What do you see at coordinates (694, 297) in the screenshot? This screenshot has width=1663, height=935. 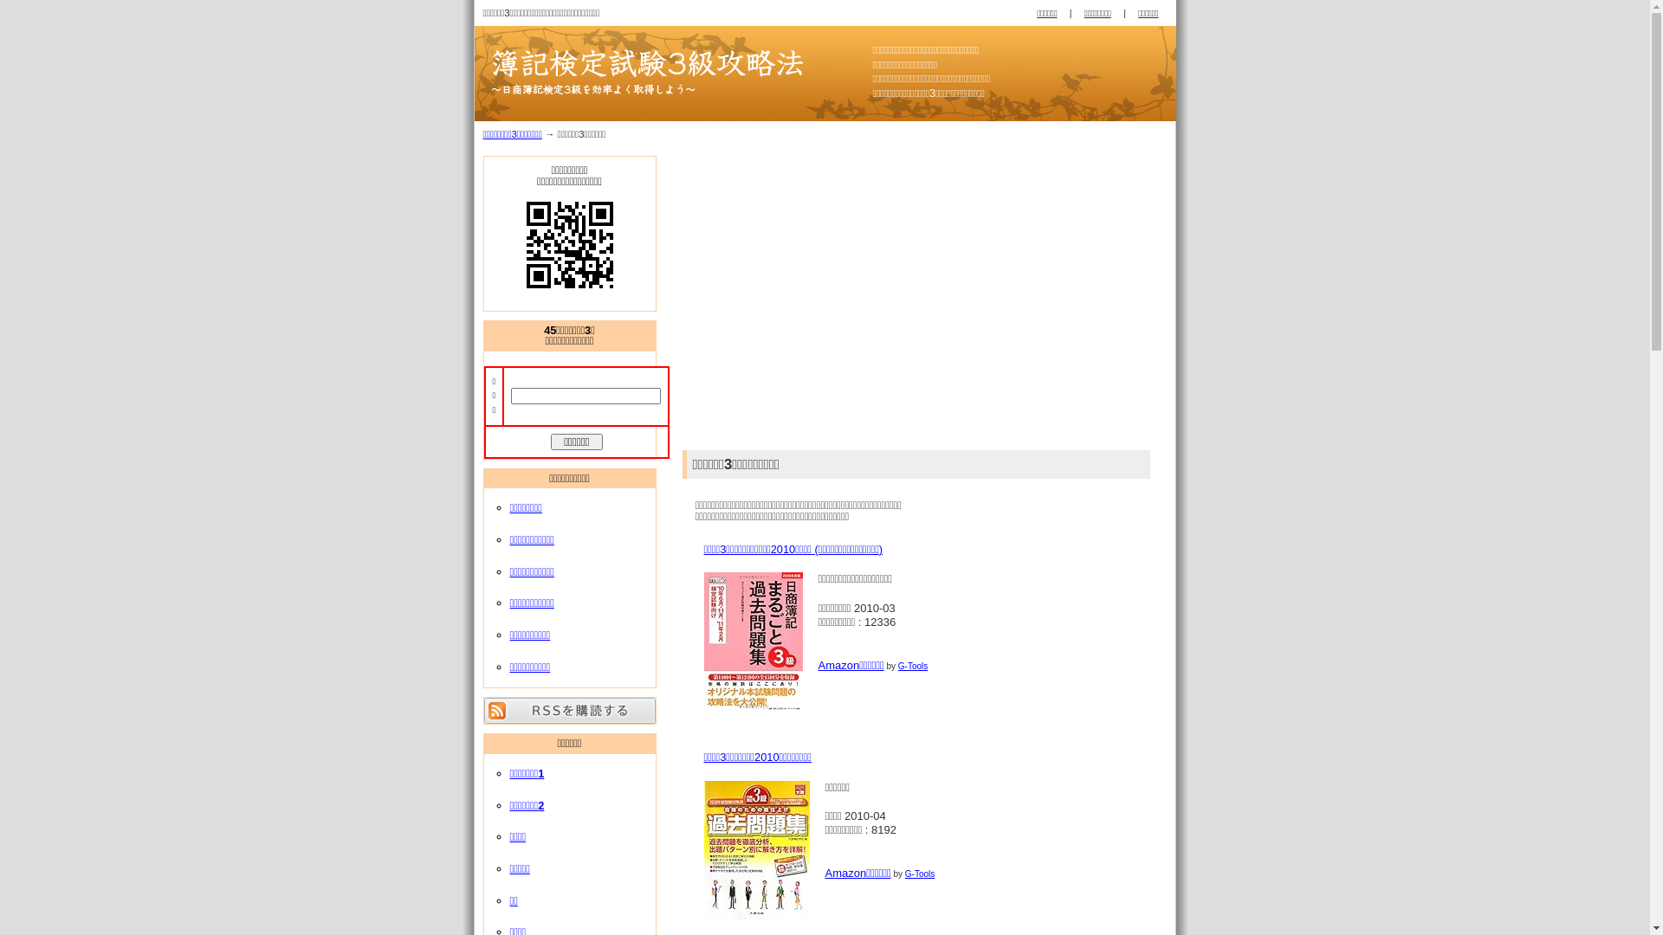 I see `'Advertisement'` at bounding box center [694, 297].